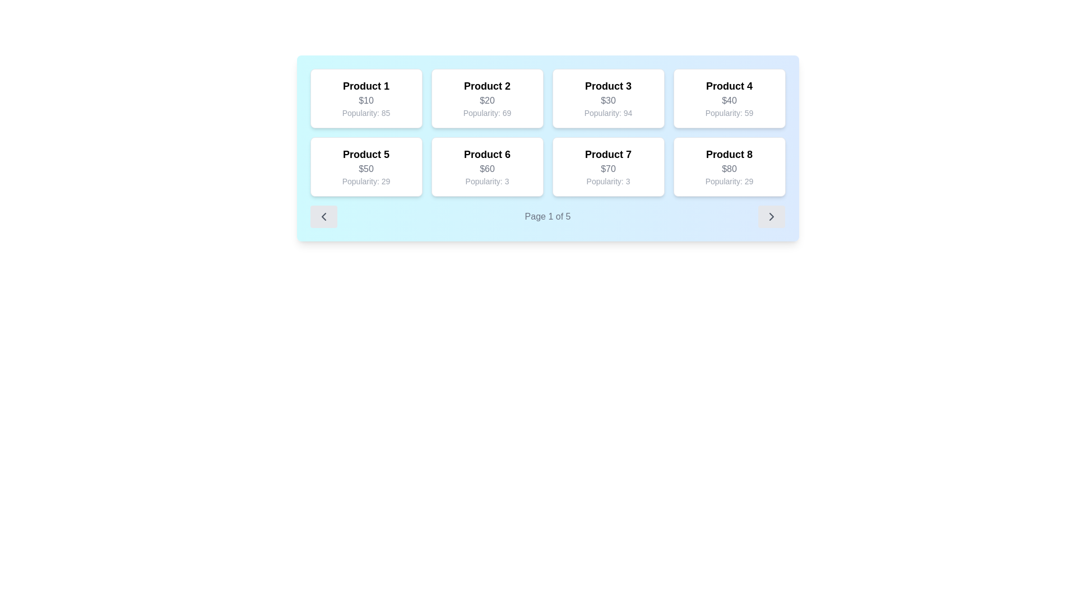  I want to click on the red triangular navigation arrow within the SVG element located in the bottom-left corner of the view containing product cards and pagination, so click(323, 216).